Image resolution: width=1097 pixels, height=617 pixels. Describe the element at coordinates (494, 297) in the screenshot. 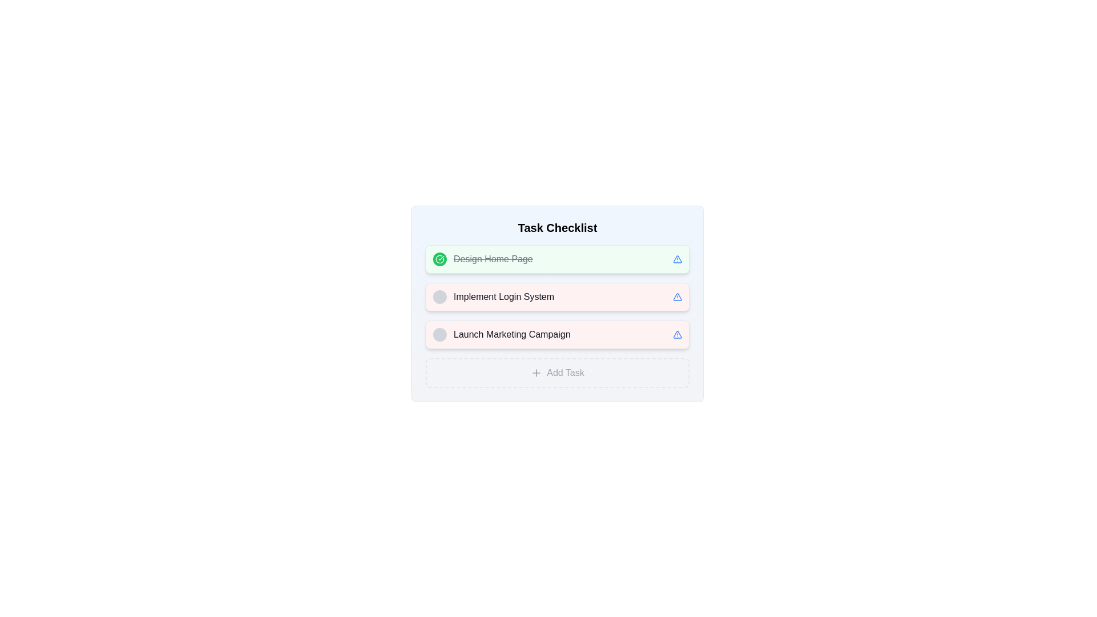

I see `the second task item in the checklist interface` at that location.